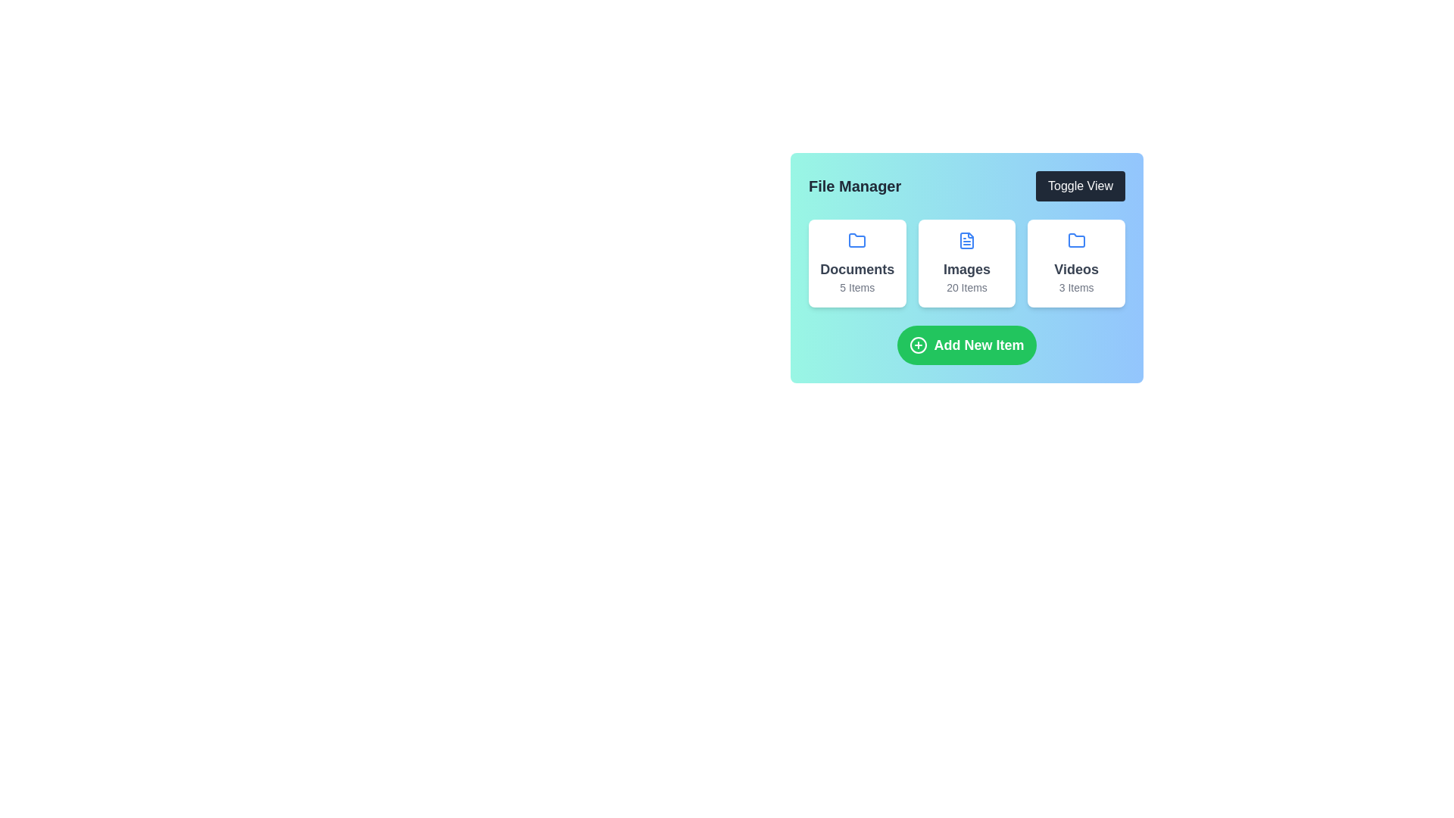  I want to click on the highlighted 'Images' category card in the Category summary section, so click(966, 262).